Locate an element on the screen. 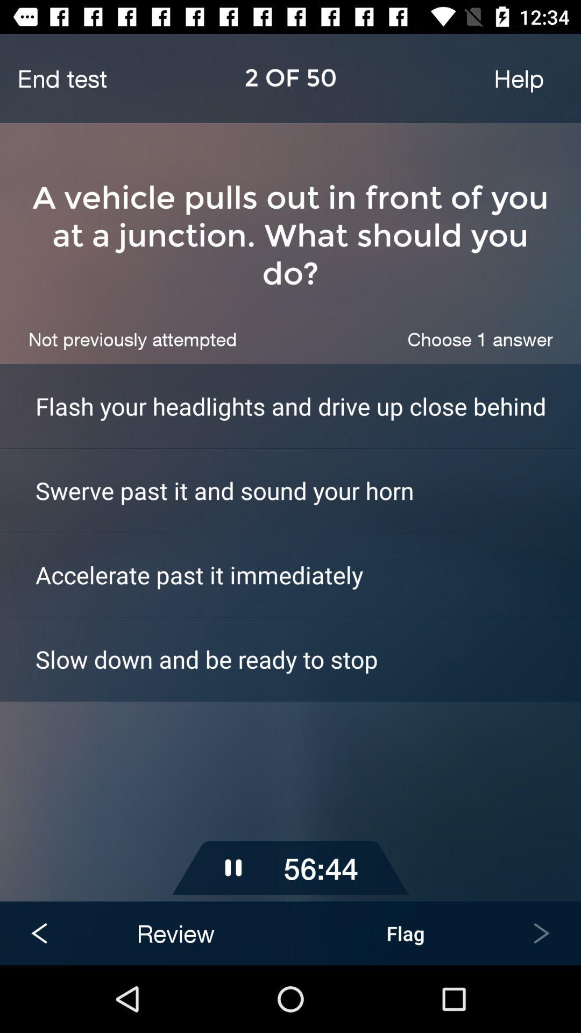 This screenshot has height=1033, width=581. the item below a vehicle pulls is located at coordinates (479, 338).